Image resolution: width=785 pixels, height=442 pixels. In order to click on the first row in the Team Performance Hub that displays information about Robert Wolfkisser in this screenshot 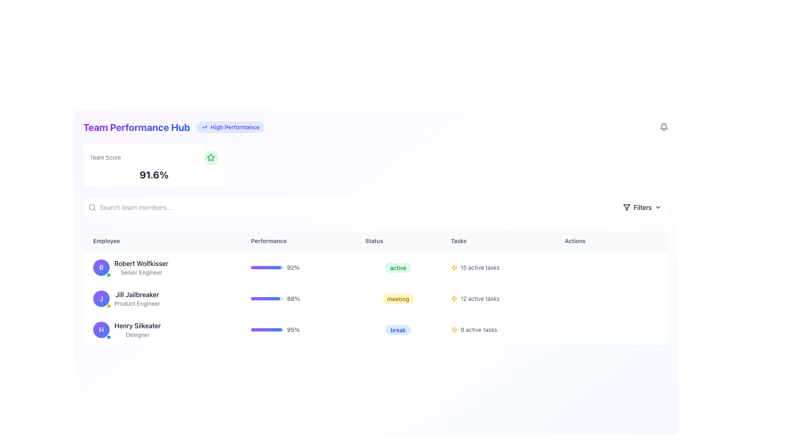, I will do `click(375, 267)`.